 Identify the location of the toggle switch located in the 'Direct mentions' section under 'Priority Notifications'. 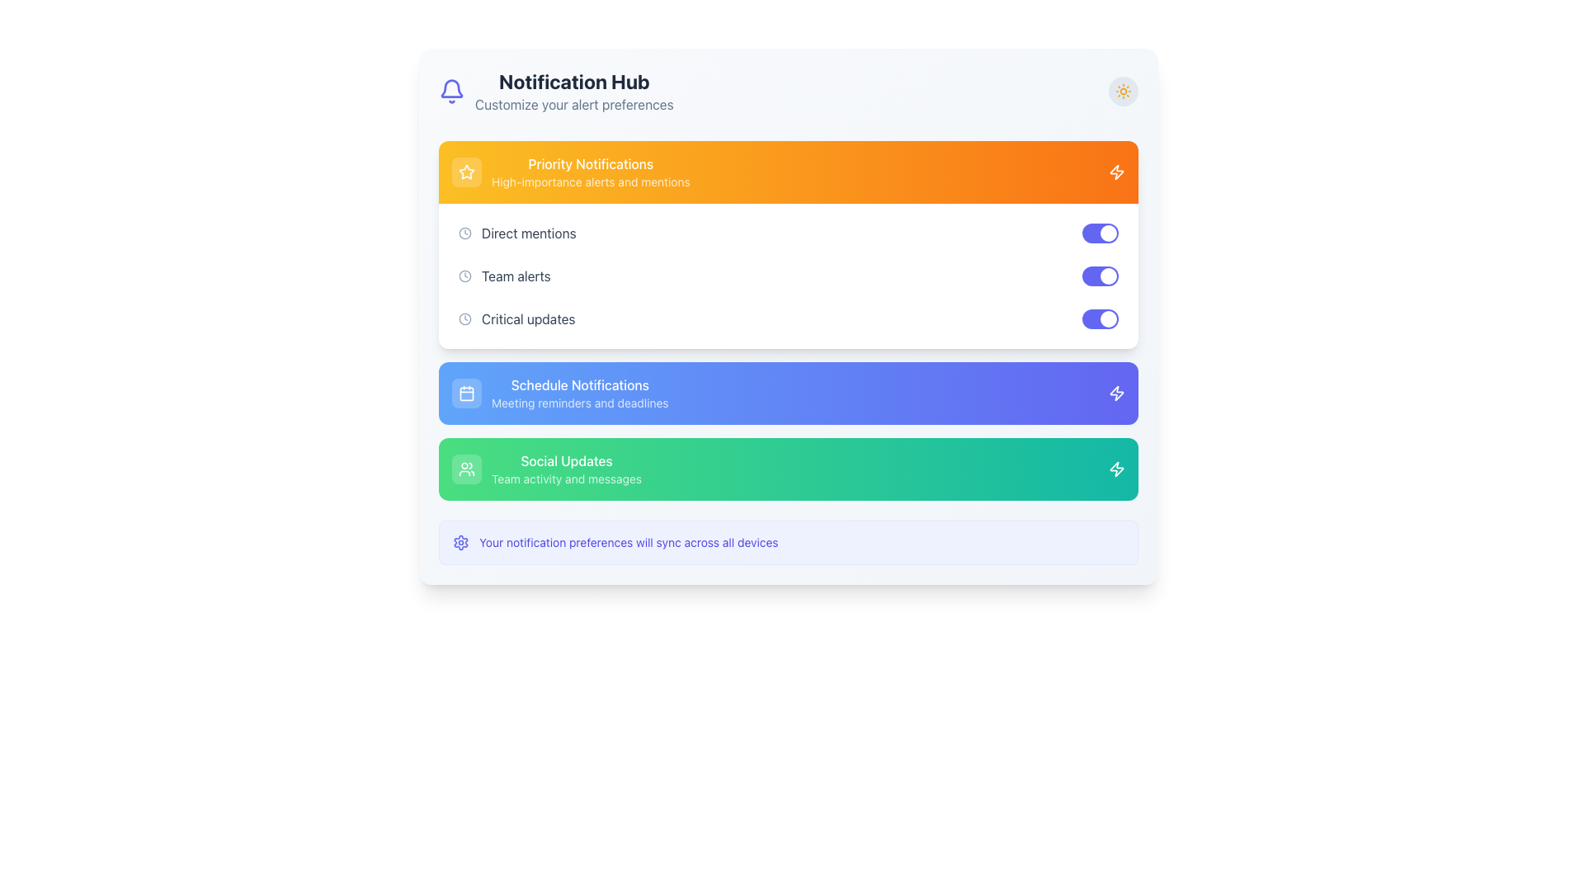
(1101, 233).